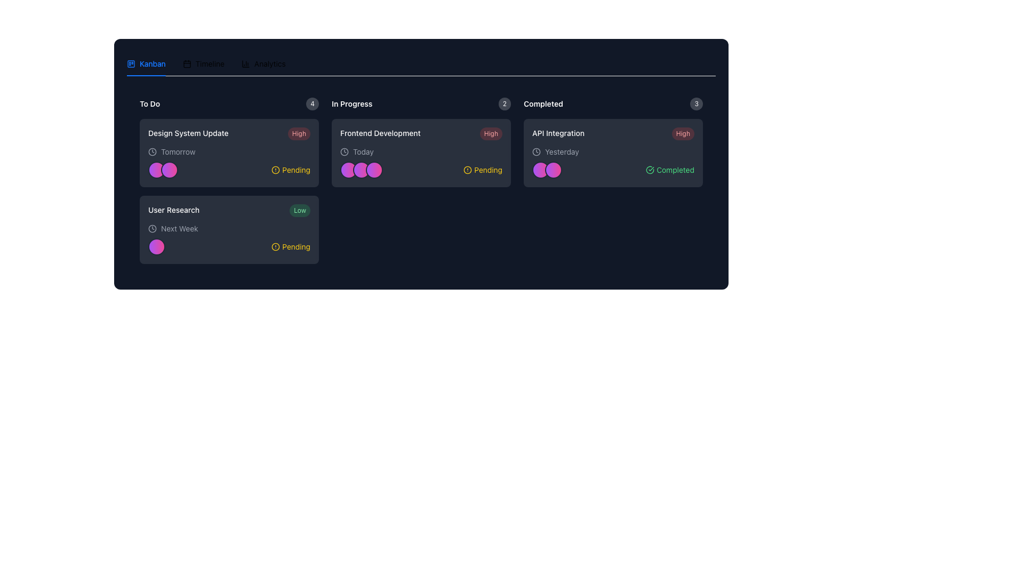  What do you see at coordinates (146, 63) in the screenshot?
I see `the 'Kanban' tab, which is the first tab` at bounding box center [146, 63].